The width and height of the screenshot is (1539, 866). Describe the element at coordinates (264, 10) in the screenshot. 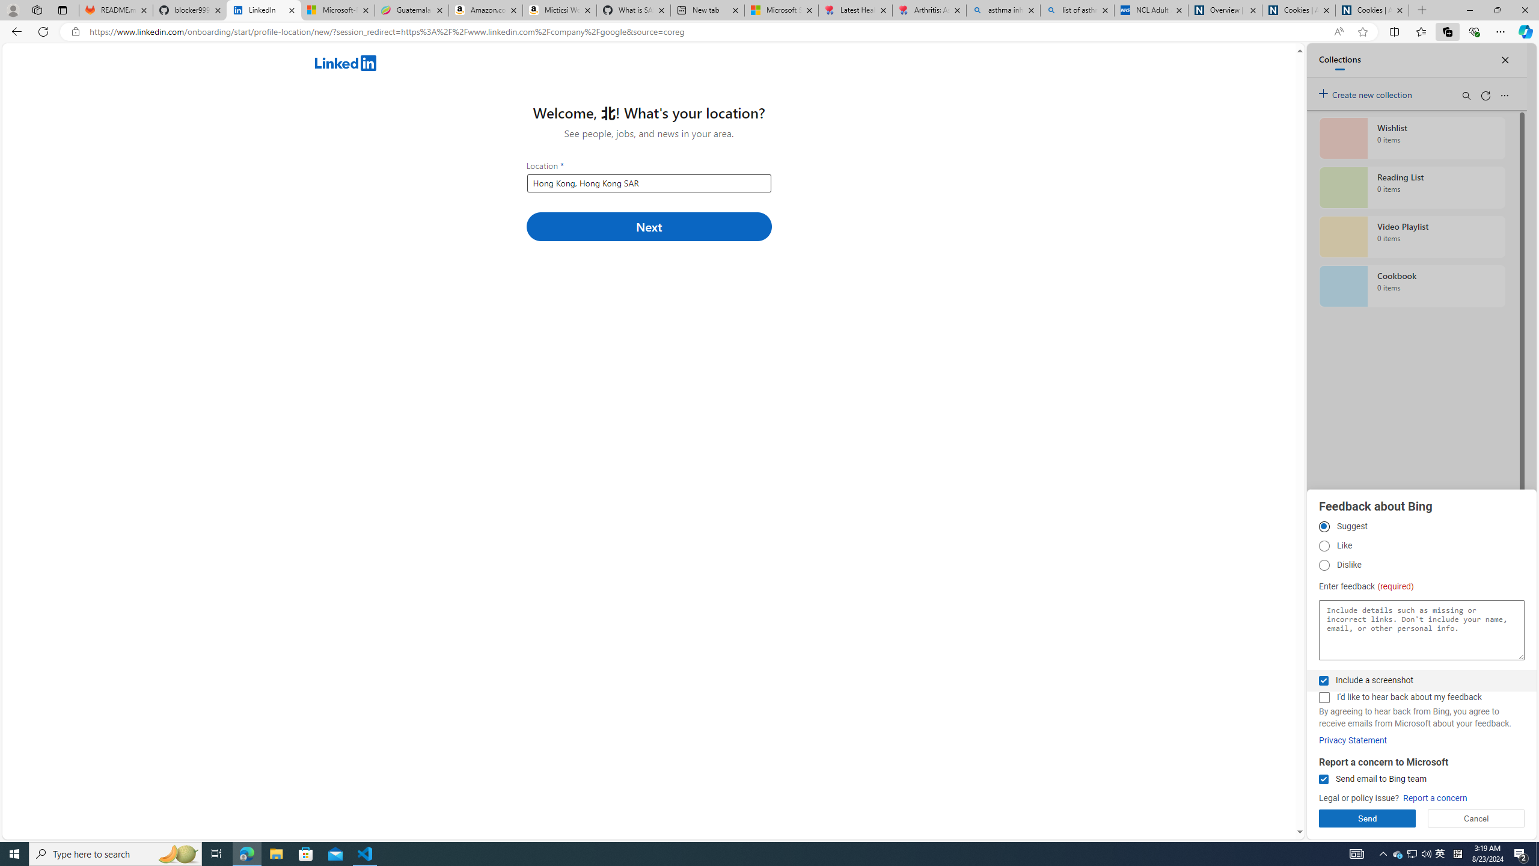

I see `'LinkedIn'` at that location.